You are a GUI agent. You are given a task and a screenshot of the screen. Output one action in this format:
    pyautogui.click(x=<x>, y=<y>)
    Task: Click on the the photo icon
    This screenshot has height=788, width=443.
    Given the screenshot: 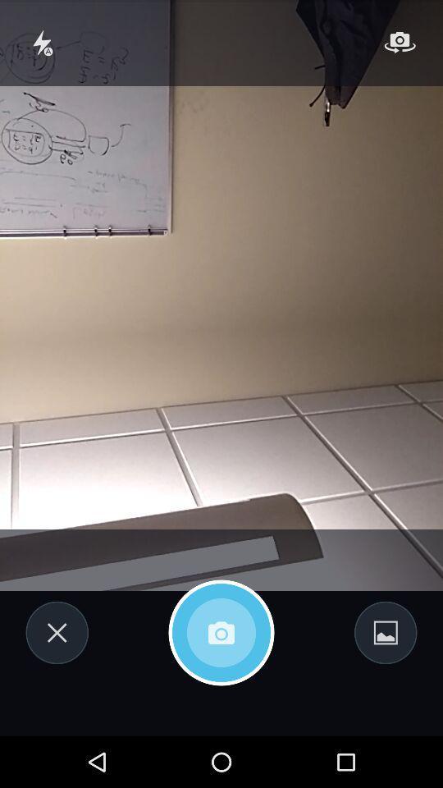 What is the action you would take?
    pyautogui.click(x=221, y=677)
    